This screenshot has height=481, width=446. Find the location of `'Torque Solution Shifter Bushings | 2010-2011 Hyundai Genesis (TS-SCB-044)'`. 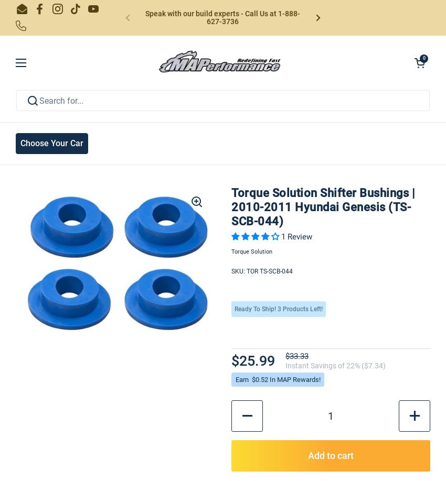

'Torque Solution Shifter Bushings | 2010-2011 Hyundai Genesis (TS-SCB-044)' is located at coordinates (322, 206).